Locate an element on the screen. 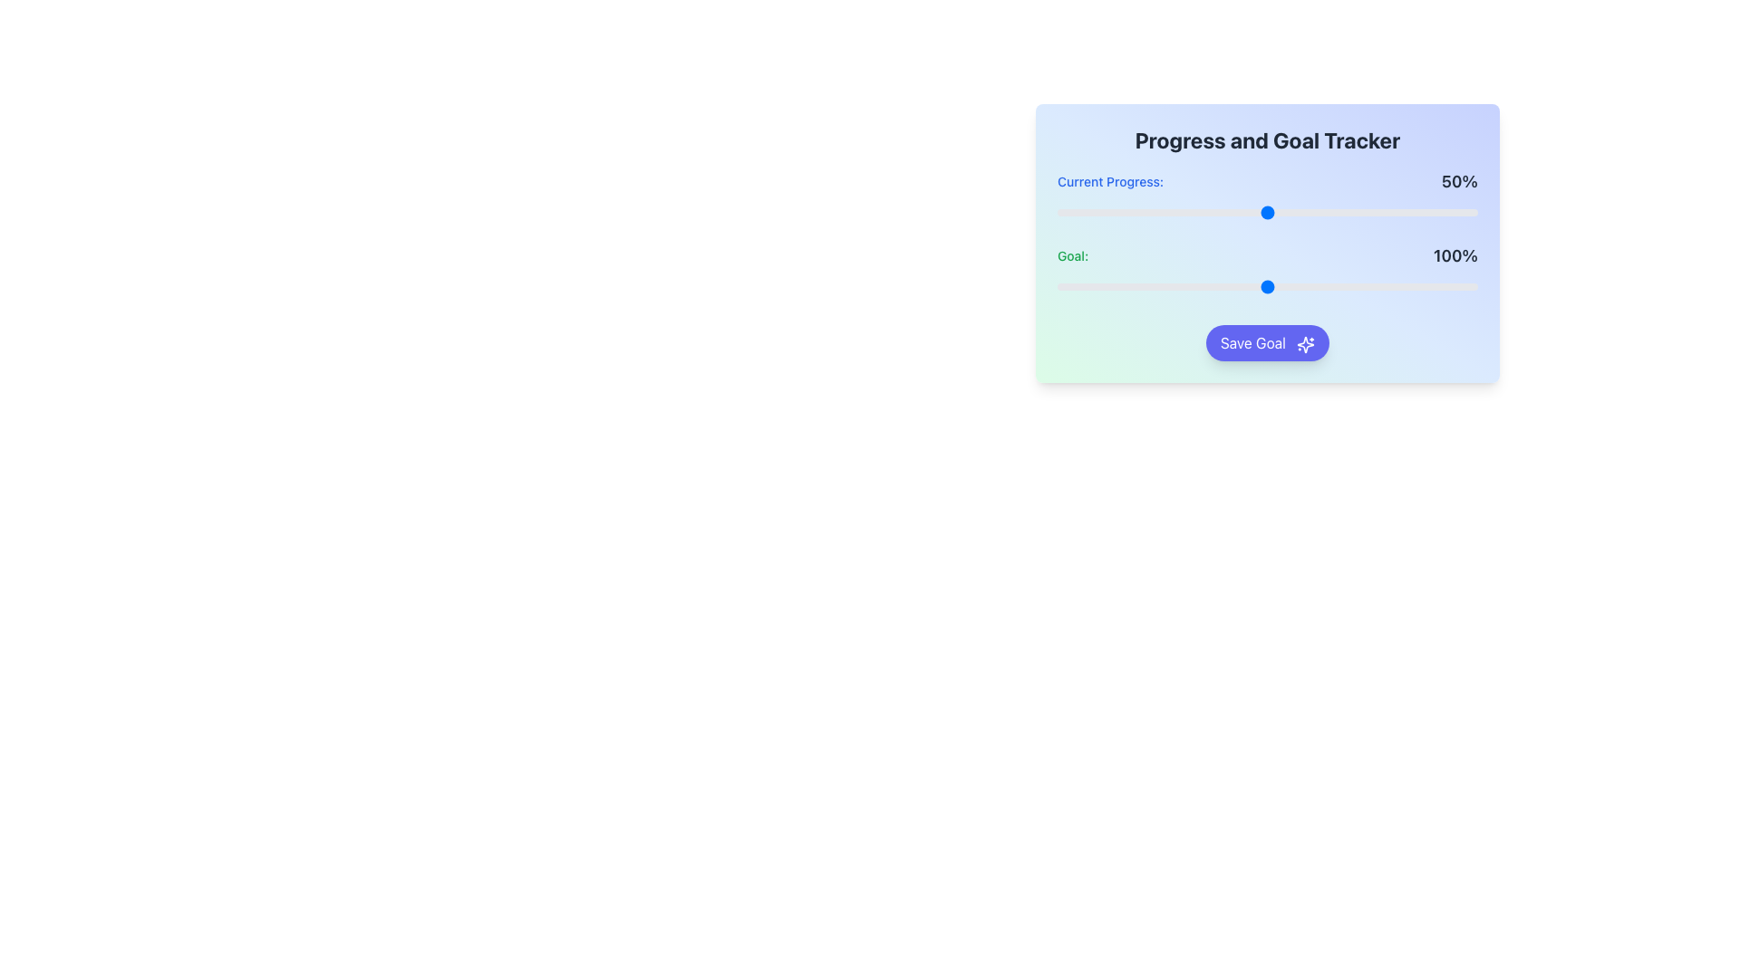 Image resolution: width=1740 pixels, height=978 pixels. the text label displaying 'Goal:' in a small green font, which is part of the 'Progress and Goal Tracker' panel and positioned to the left of the numerical value '100%' is located at coordinates (1073, 255).